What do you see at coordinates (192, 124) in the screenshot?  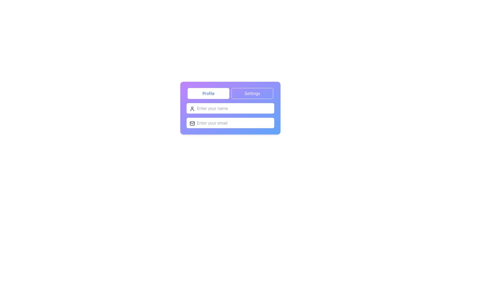 I see `the envelope icon inside the 'Enter your email' text input field to receive additional information, such as a tooltip` at bounding box center [192, 124].